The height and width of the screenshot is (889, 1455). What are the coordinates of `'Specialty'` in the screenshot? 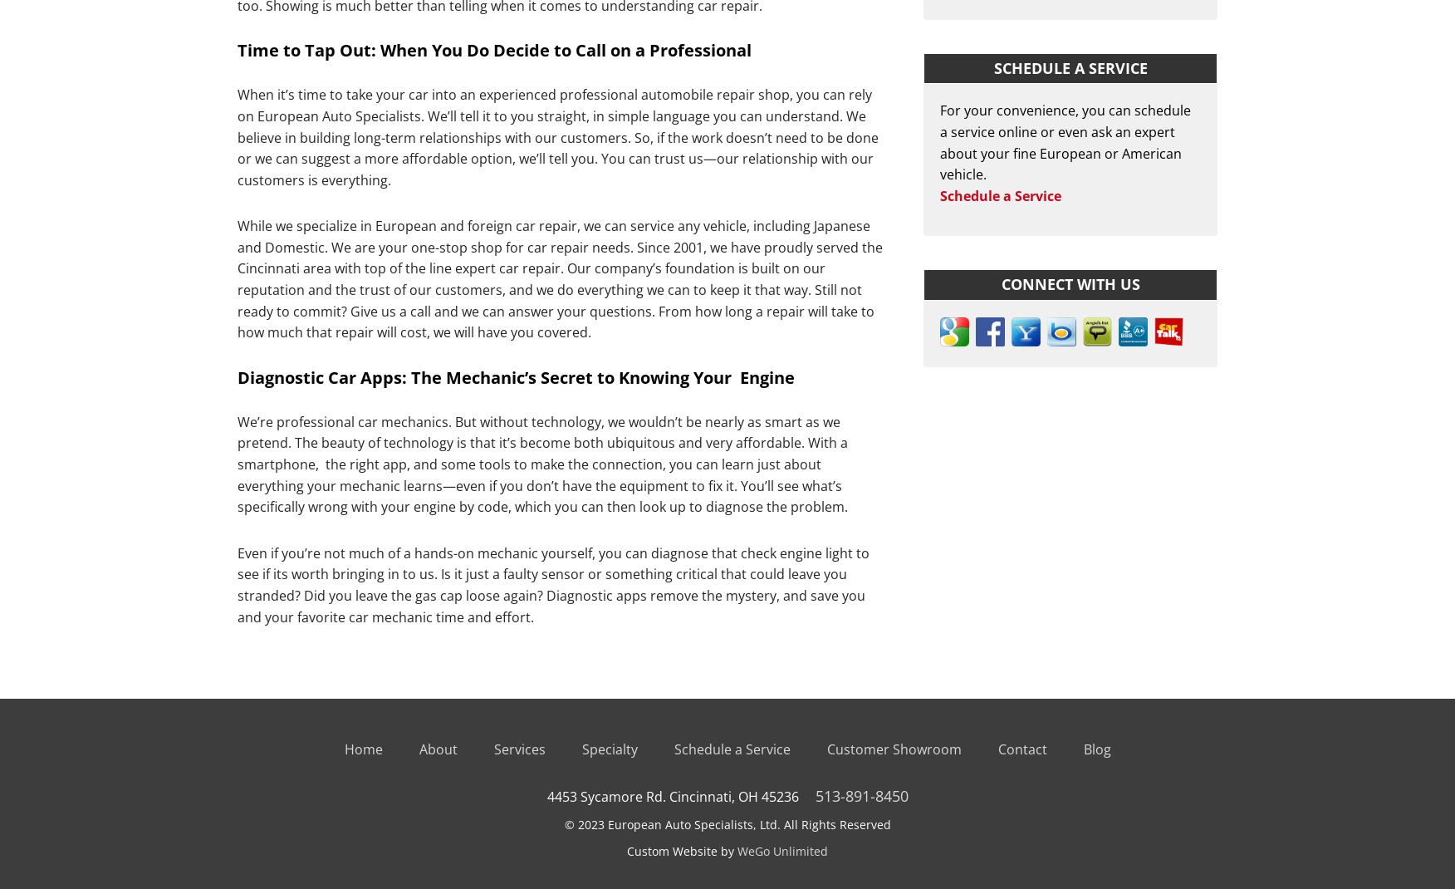 It's located at (609, 749).